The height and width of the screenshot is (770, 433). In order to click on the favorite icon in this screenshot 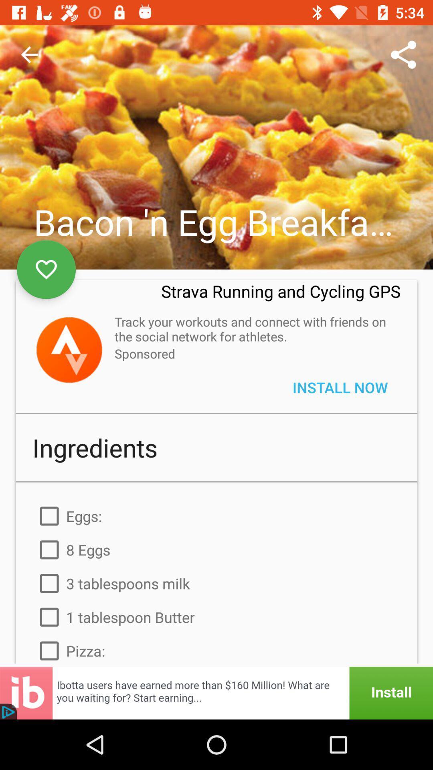, I will do `click(46, 269)`.